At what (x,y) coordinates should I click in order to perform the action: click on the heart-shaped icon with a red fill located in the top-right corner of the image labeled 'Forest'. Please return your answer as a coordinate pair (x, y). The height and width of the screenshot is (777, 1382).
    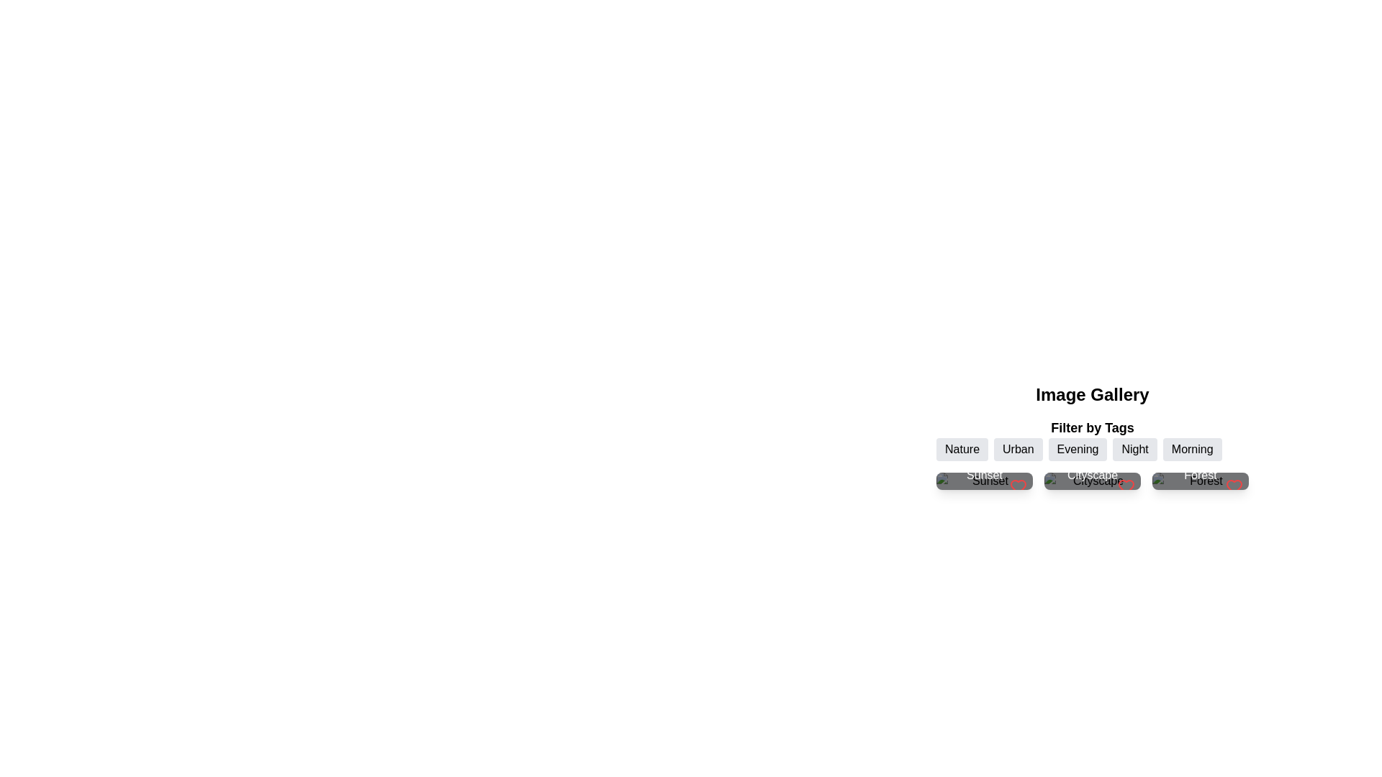
    Looking at the image, I should click on (1233, 486).